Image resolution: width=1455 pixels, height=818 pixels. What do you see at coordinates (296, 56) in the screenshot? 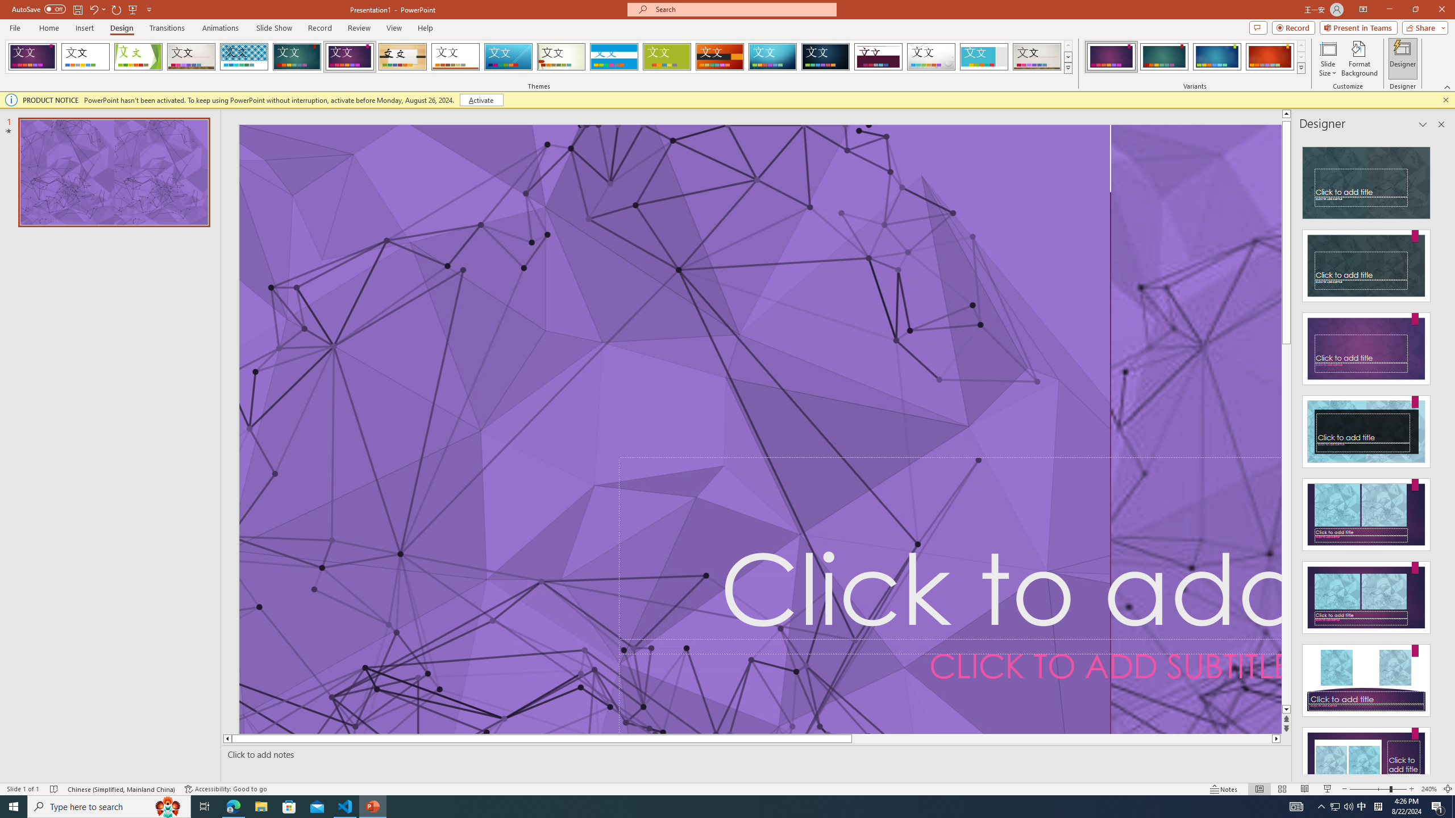
I see `'Ion'` at bounding box center [296, 56].